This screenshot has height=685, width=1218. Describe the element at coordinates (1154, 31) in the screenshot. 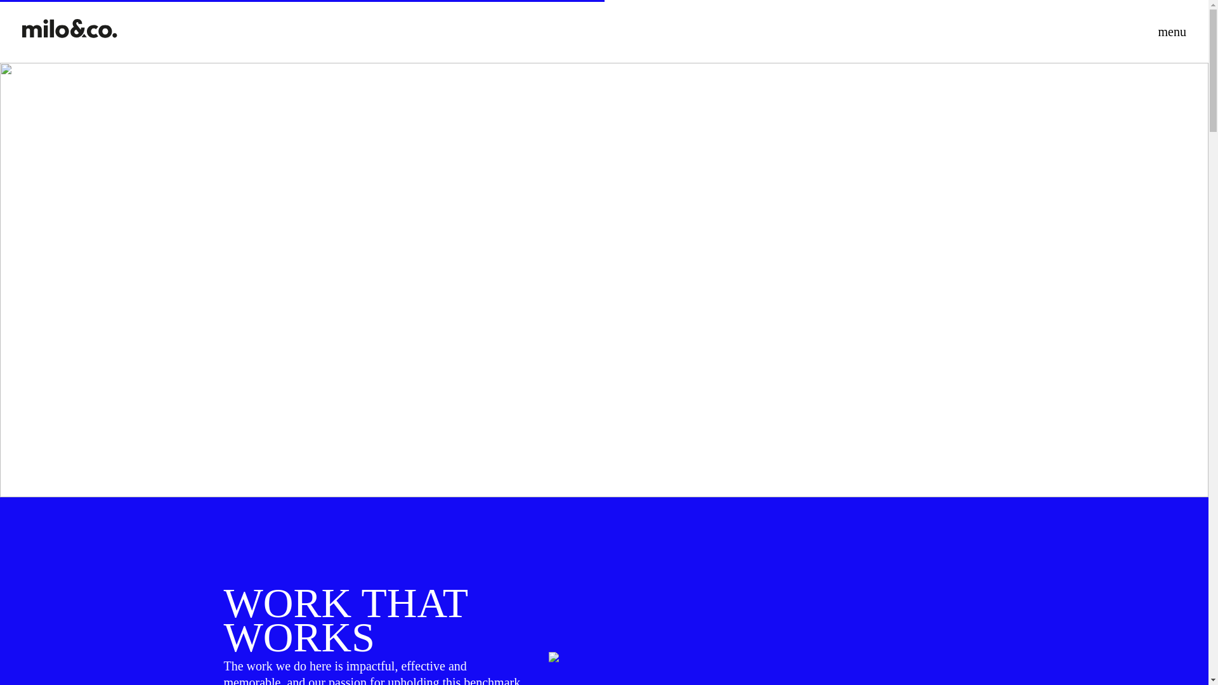

I see `'menu'` at that location.